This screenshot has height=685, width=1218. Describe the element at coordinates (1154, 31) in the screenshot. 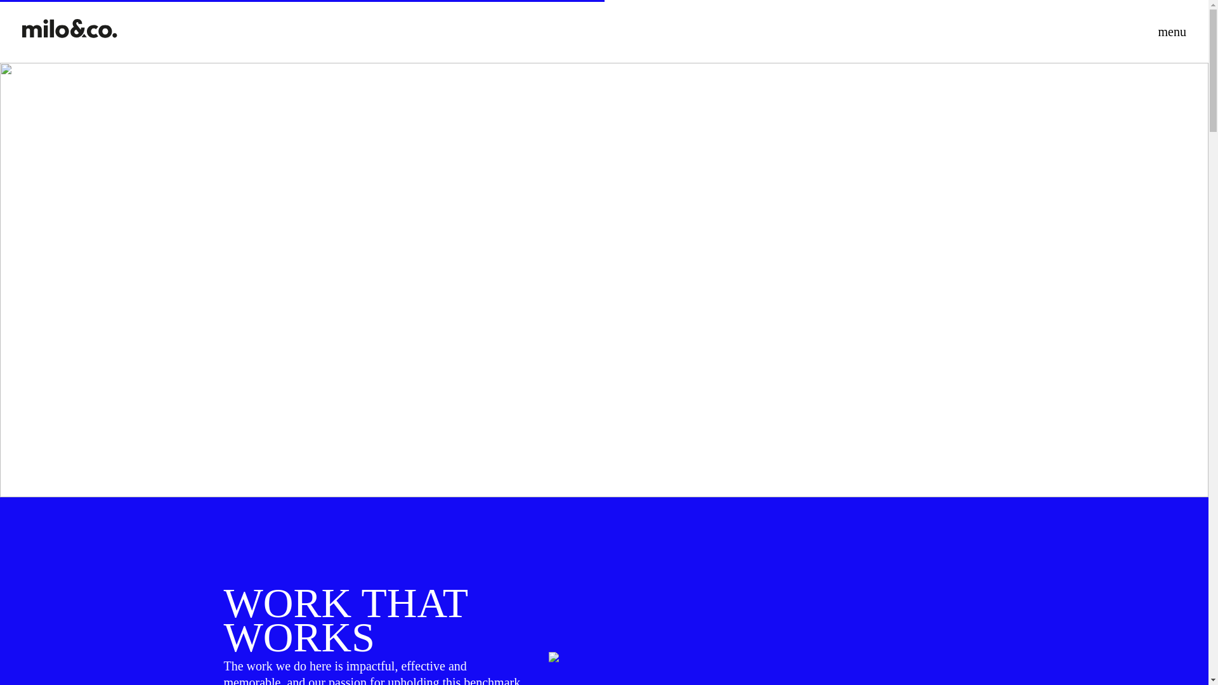

I see `'menu'` at that location.